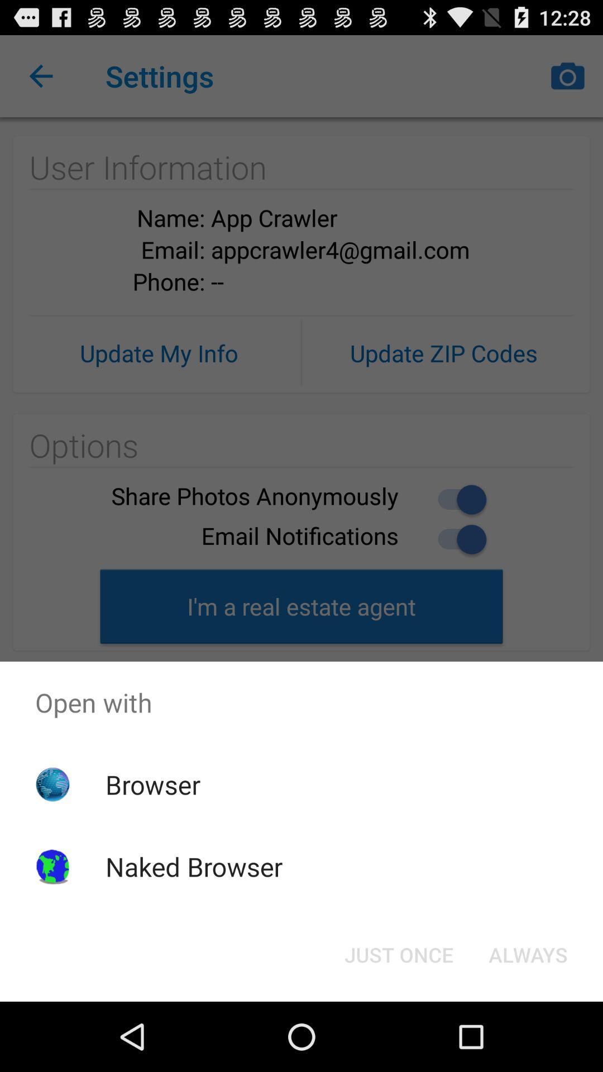  What do you see at coordinates (398, 954) in the screenshot?
I see `button next to the always button` at bounding box center [398, 954].